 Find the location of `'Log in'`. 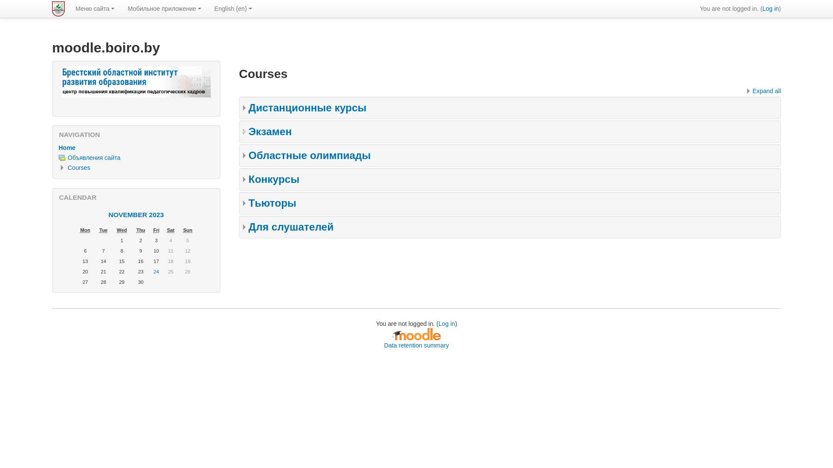

'Log in' is located at coordinates (447, 324).